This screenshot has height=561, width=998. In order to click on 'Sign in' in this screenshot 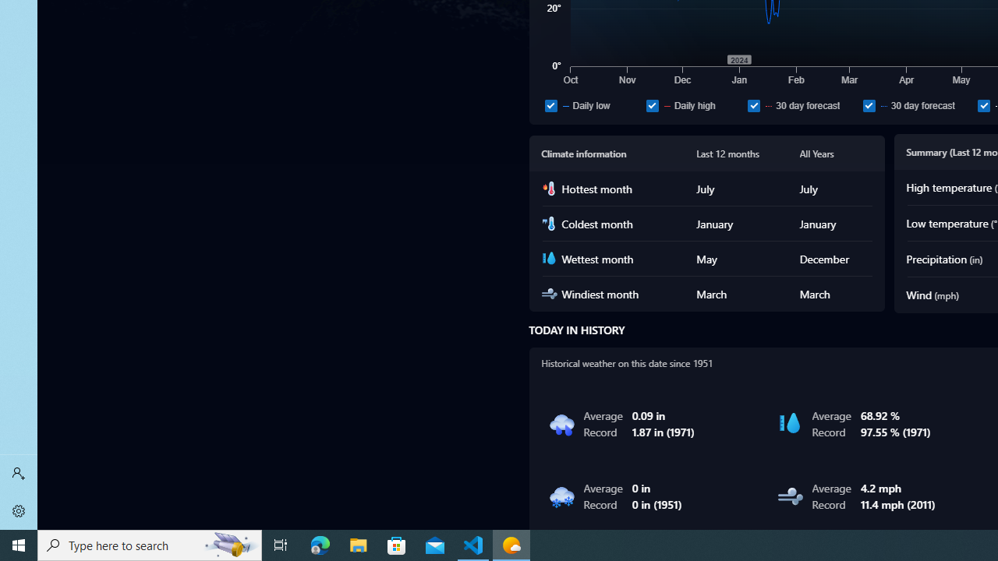, I will do `click(19, 473)`.